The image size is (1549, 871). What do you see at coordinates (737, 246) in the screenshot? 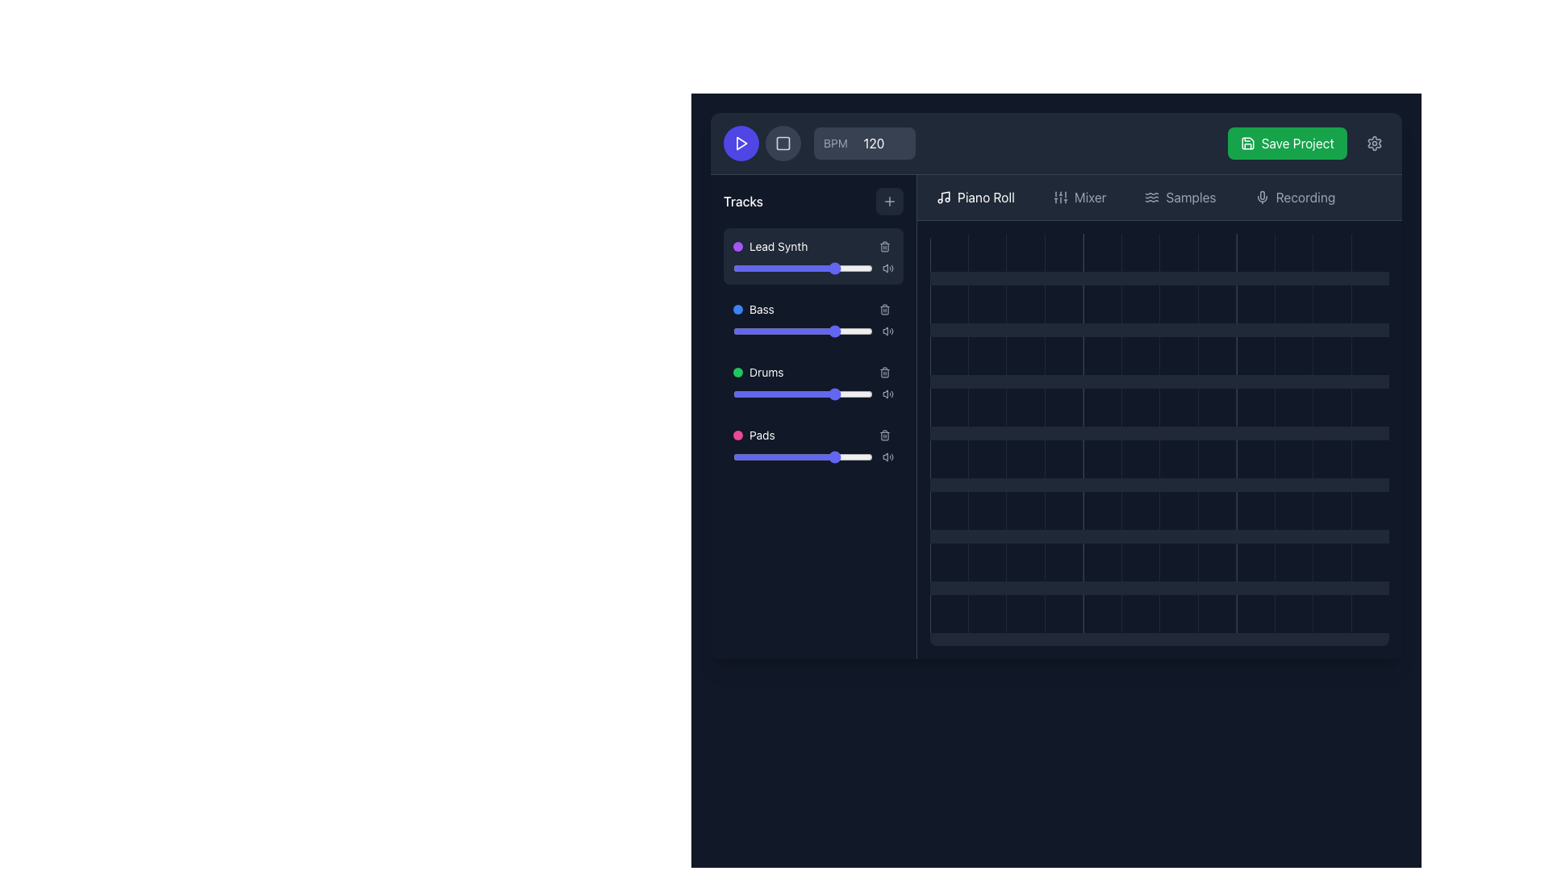
I see `the icon located on the left side of the text 'Lead Synth', which serves as an indicator for the associated track` at bounding box center [737, 246].